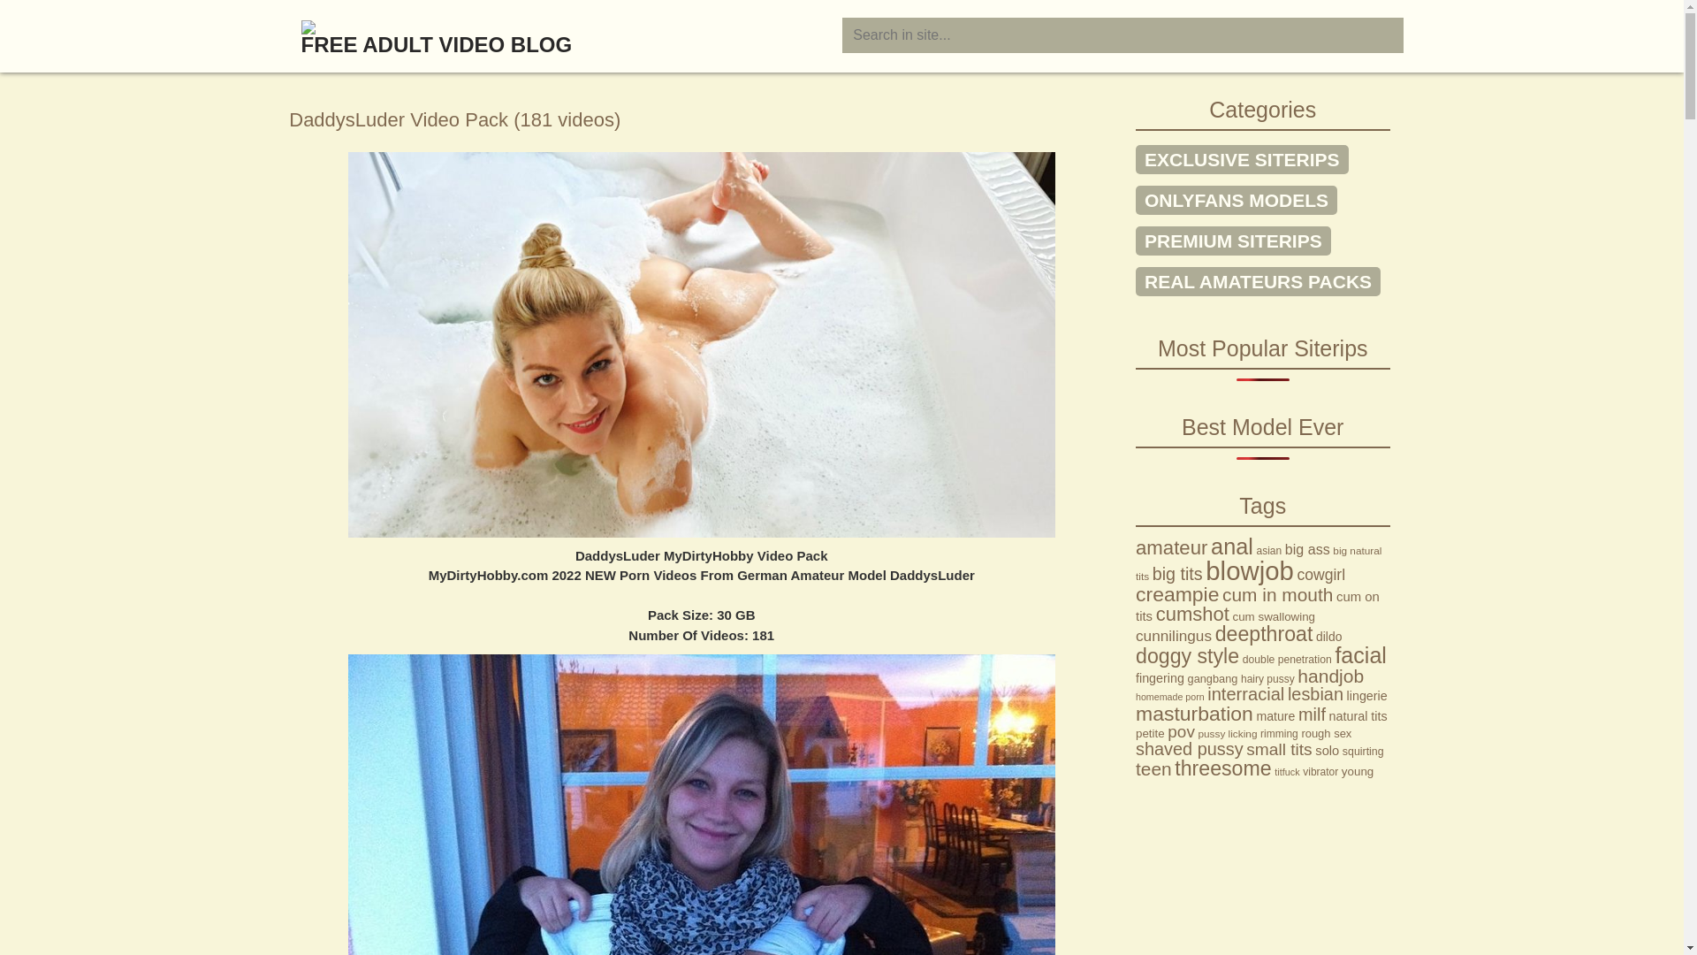  Describe the element at coordinates (1226, 733) in the screenshot. I see `'pussy licking'` at that location.